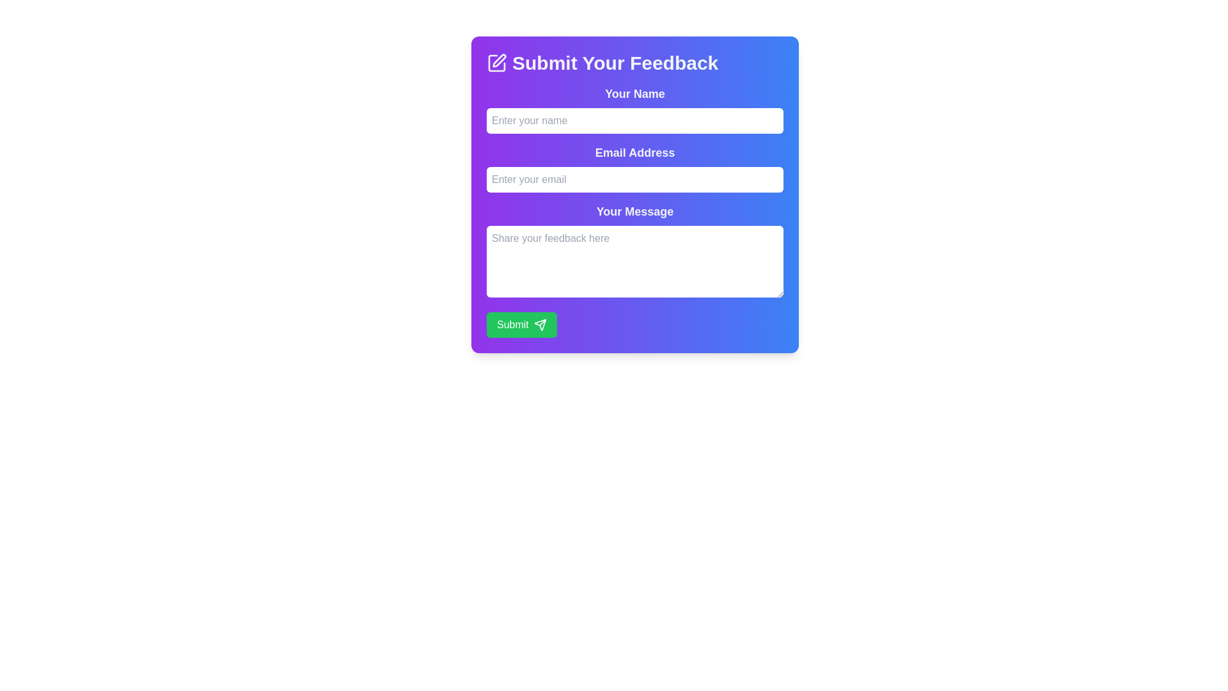 Image resolution: width=1228 pixels, height=691 pixels. Describe the element at coordinates (635, 167) in the screenshot. I see `the 'Email Address' labeled input field to focus on the input box` at that location.